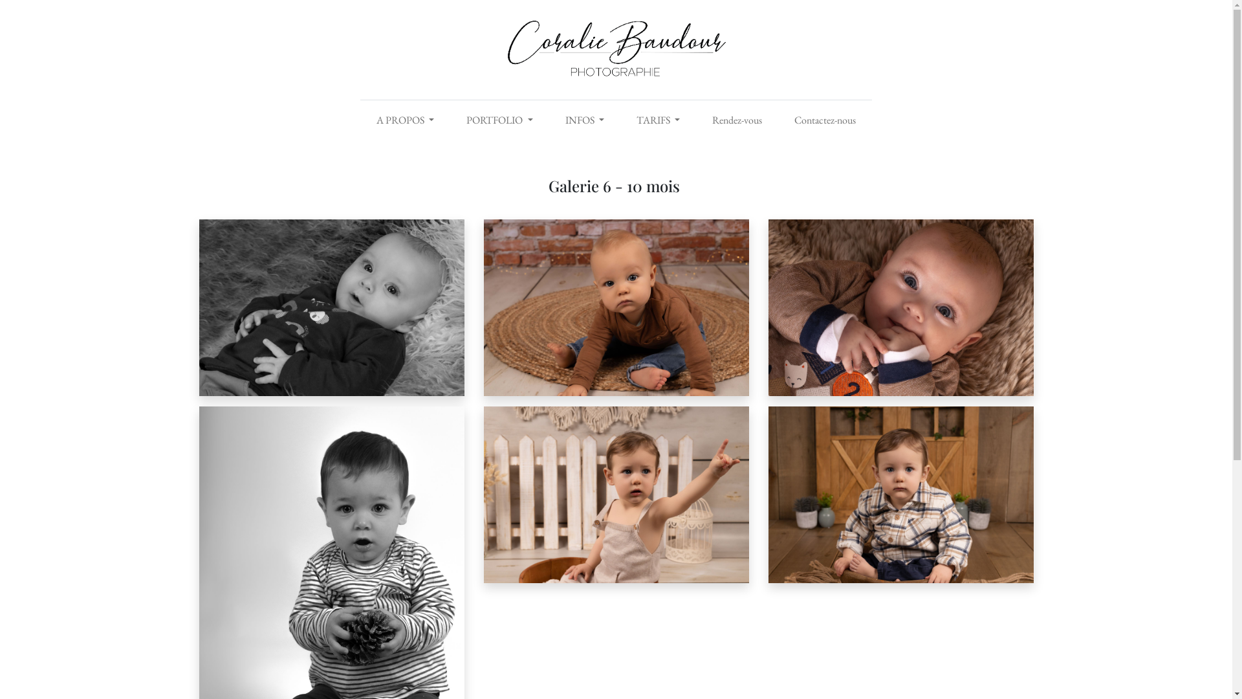  What do you see at coordinates (404, 120) in the screenshot?
I see `'A PROPOS'` at bounding box center [404, 120].